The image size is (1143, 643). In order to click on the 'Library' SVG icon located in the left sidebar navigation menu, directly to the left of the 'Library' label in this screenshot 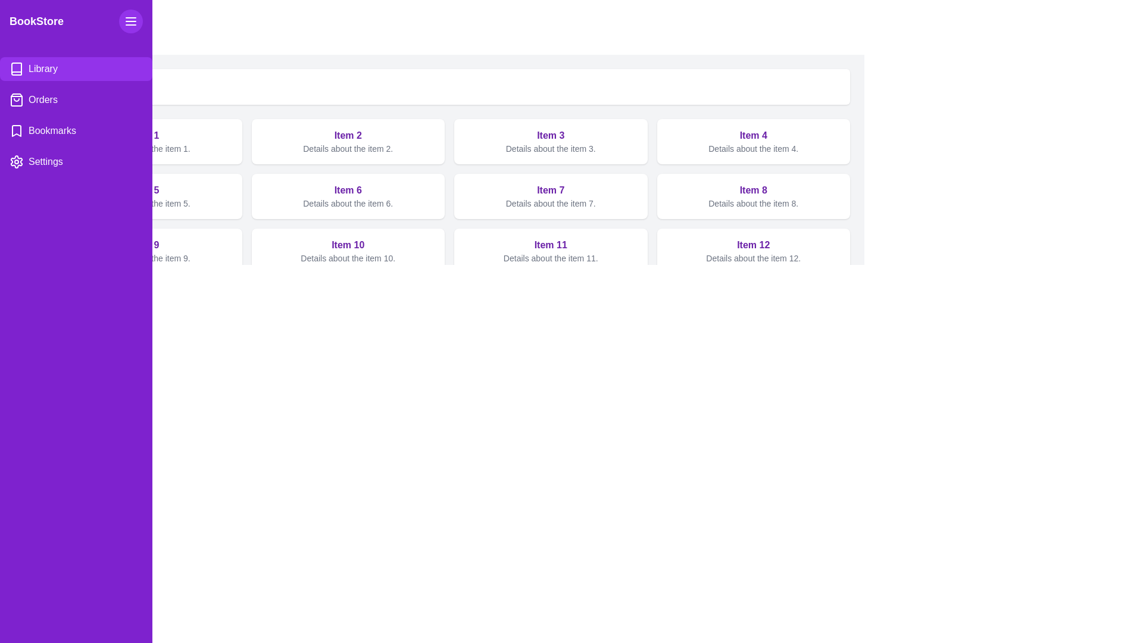, I will do `click(17, 68)`.